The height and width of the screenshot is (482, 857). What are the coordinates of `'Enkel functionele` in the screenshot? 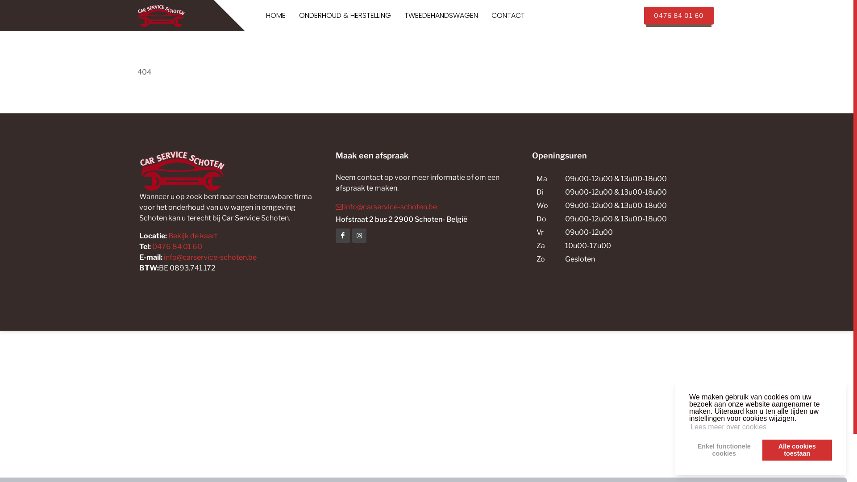 It's located at (724, 449).